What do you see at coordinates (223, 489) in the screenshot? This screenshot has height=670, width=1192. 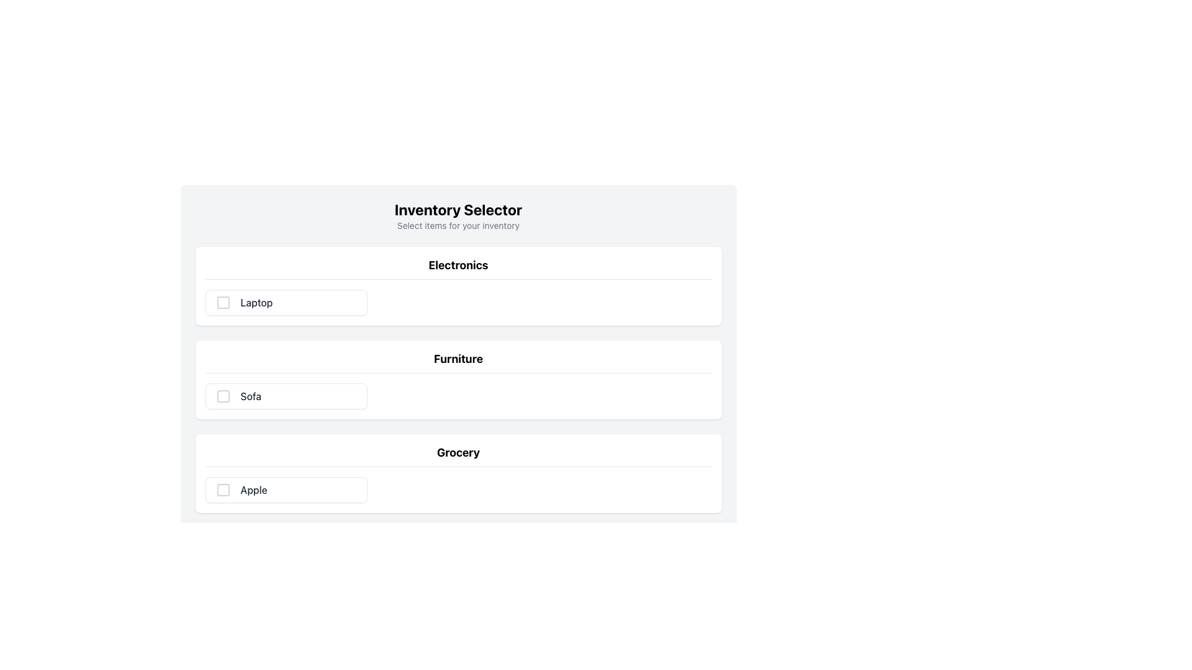 I see `the checkbox located to the left of the 'Apple' item in the 'Grocery' section to mark it as selected` at bounding box center [223, 489].